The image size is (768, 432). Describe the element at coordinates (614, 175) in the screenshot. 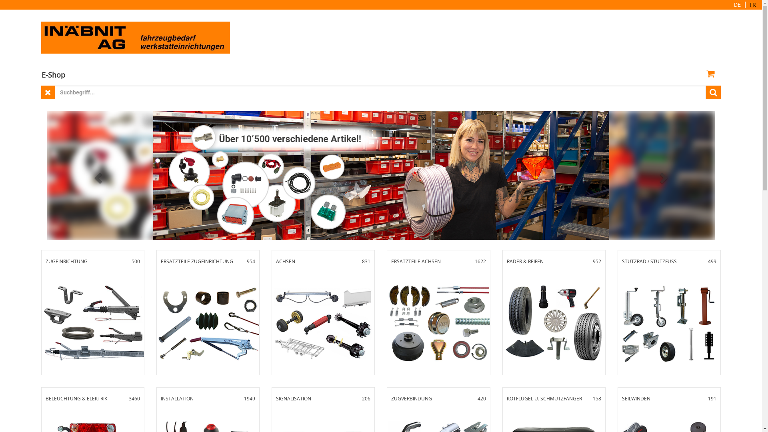

I see `'next'` at that location.